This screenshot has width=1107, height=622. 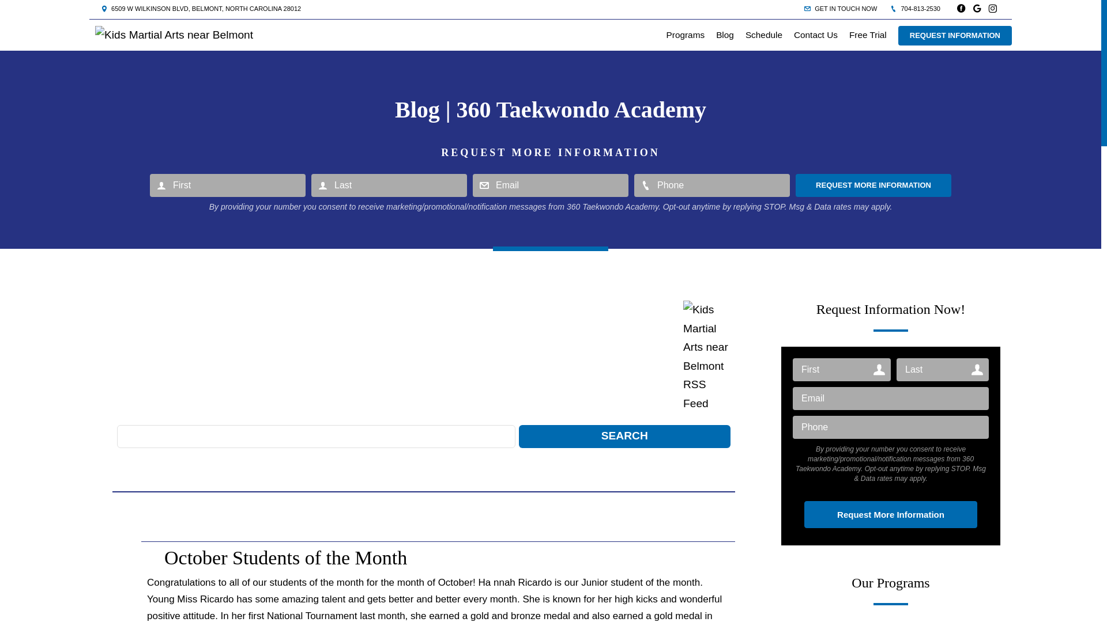 What do you see at coordinates (624, 437) in the screenshot?
I see `'Search'` at bounding box center [624, 437].